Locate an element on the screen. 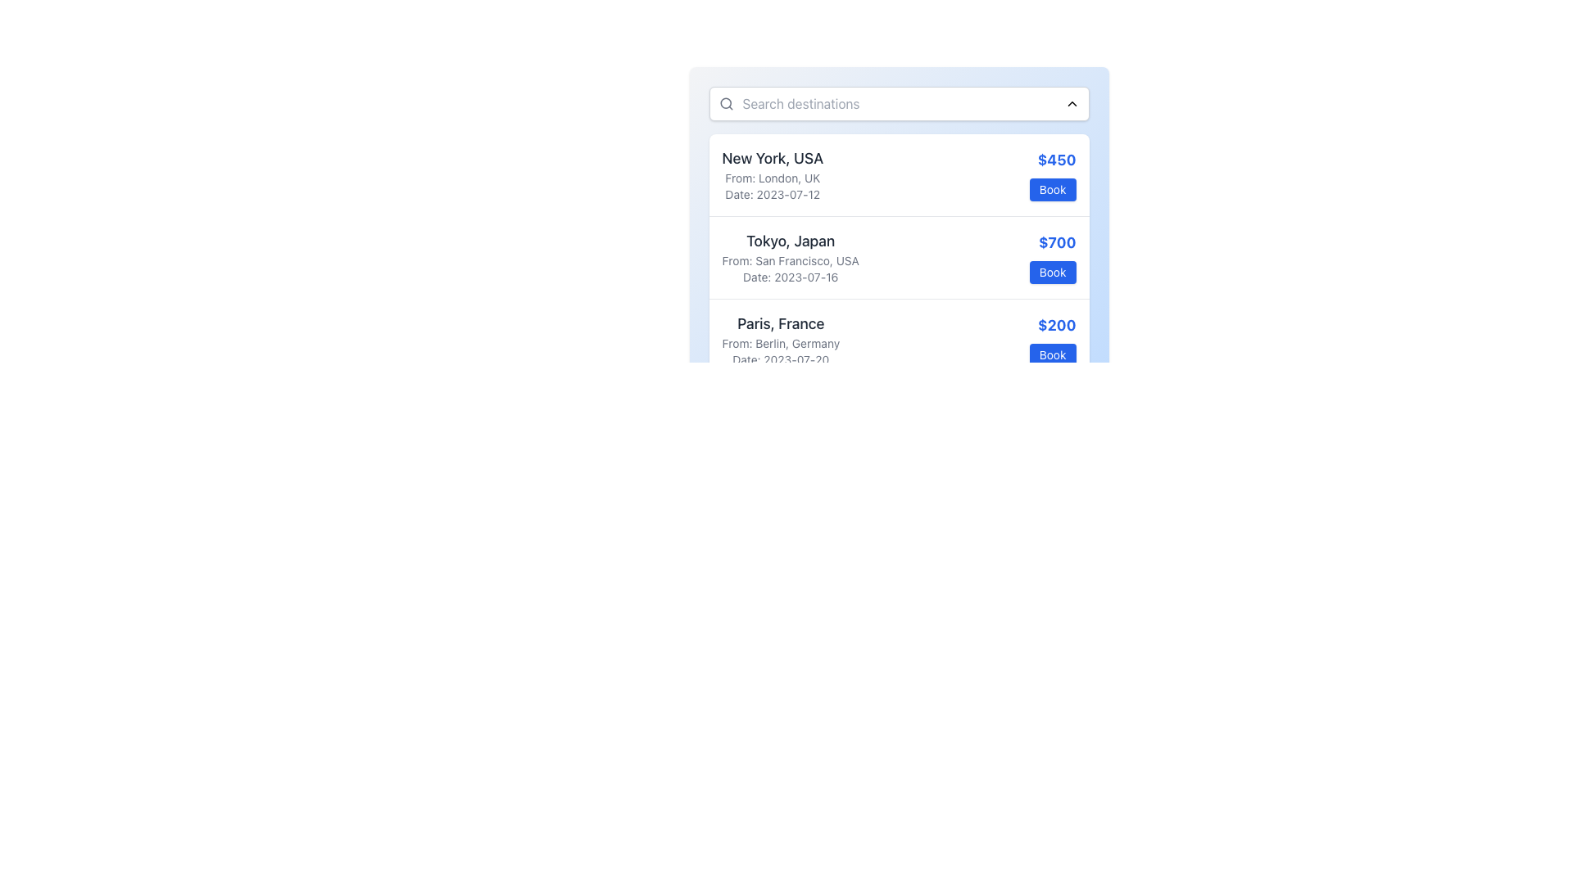 This screenshot has width=1573, height=884. the booking button located in the second row of the list, aligned with the price text ('$700') for the 'Tokyo, Japan' listing to proceed with booking is located at coordinates (1053, 271).